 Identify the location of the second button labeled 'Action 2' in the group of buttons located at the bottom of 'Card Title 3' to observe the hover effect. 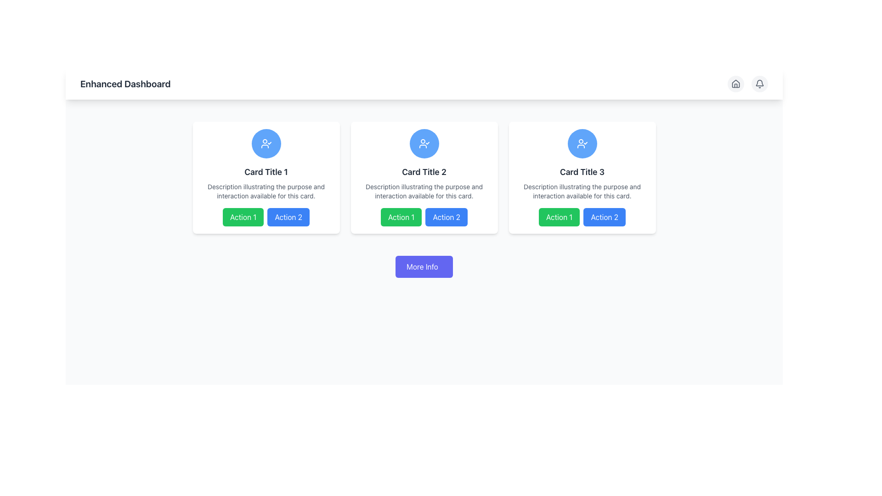
(582, 217).